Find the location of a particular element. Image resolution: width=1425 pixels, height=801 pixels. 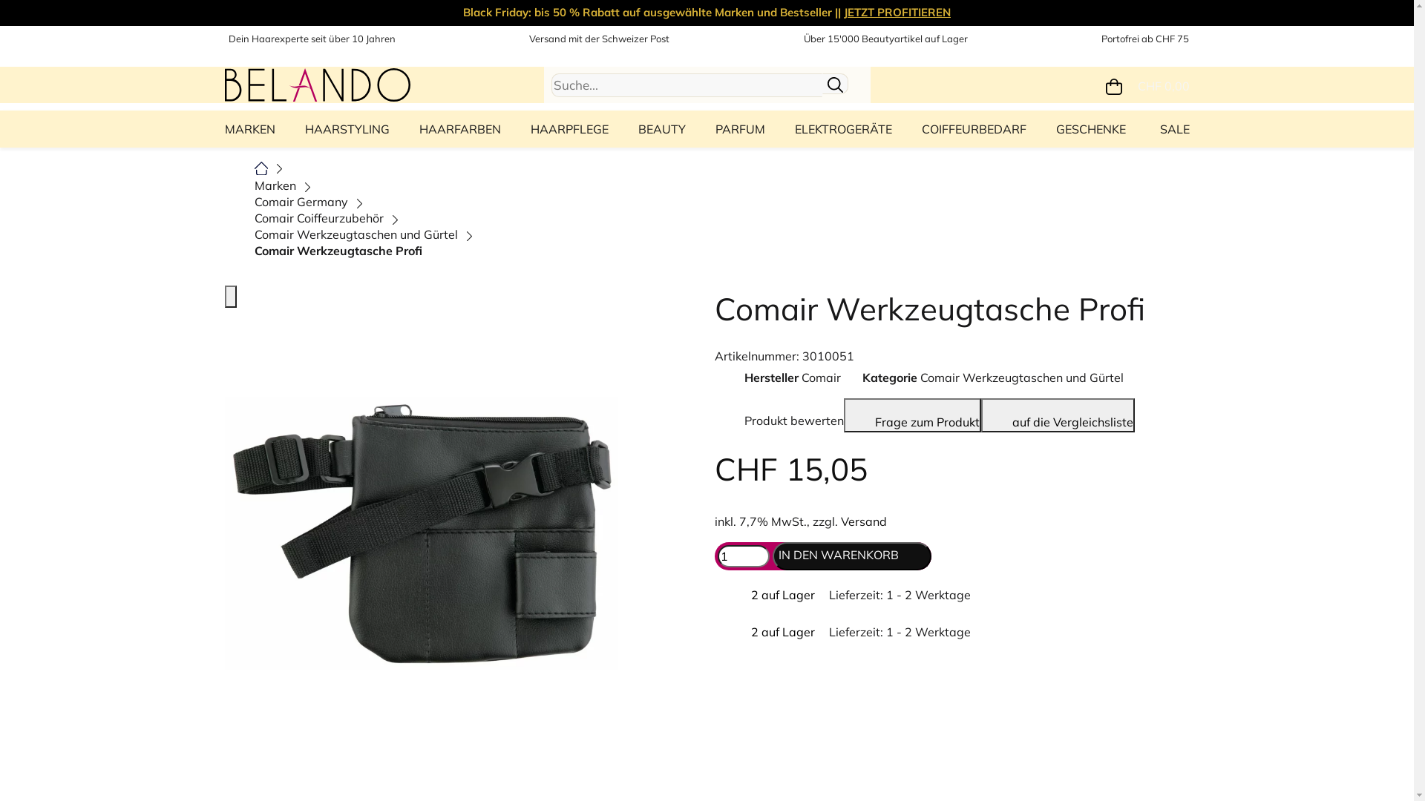

'HAARFARBEN' is located at coordinates (403, 128).